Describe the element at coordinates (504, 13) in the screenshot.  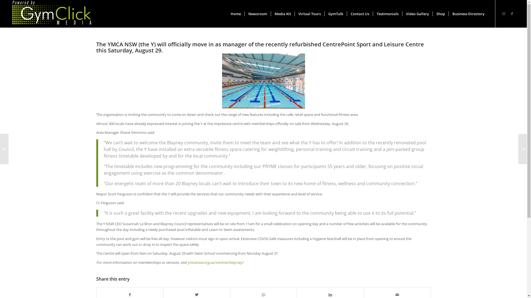
I see `'Instagram'` at that location.